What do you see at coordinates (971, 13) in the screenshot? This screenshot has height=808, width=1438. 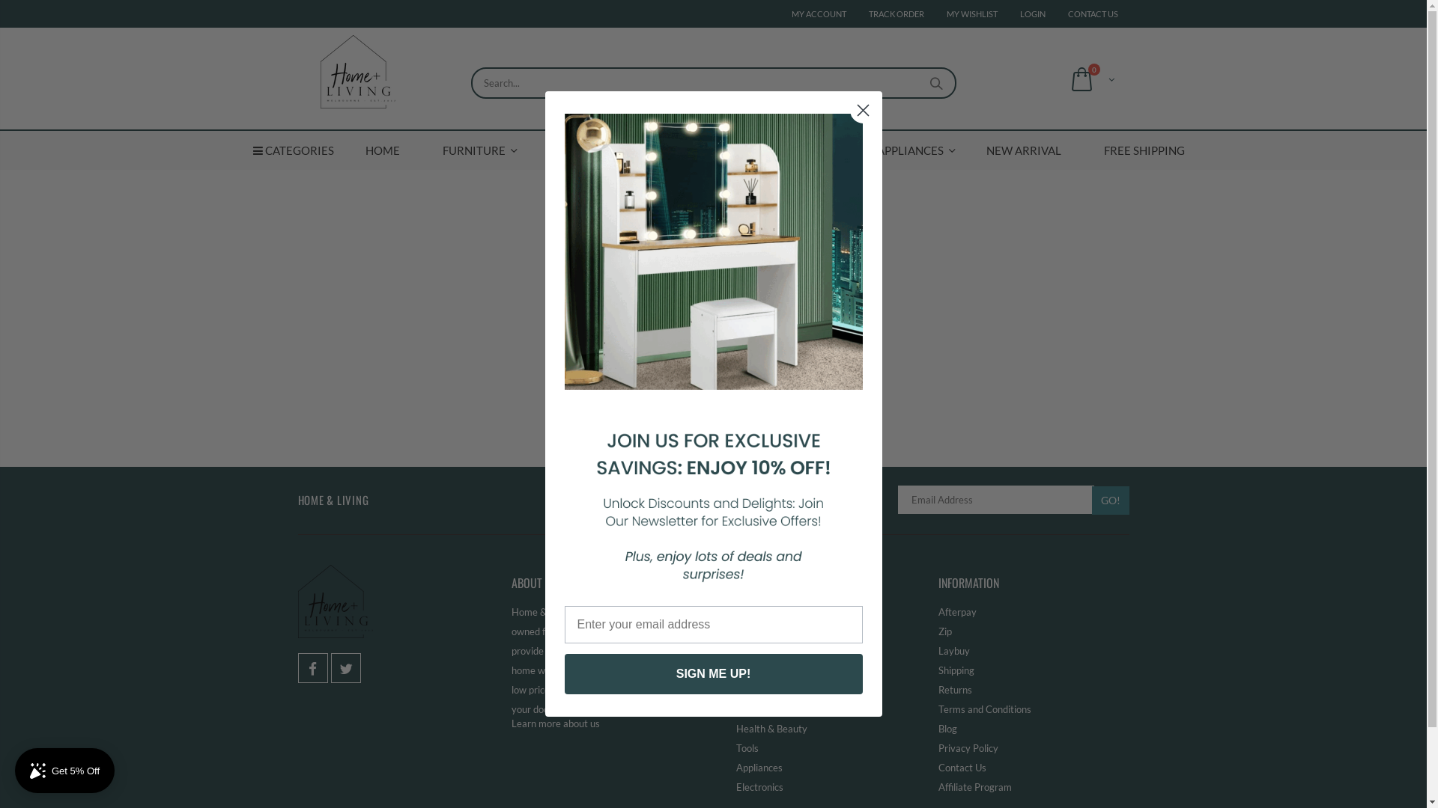 I see `'MY WISHLIST'` at bounding box center [971, 13].